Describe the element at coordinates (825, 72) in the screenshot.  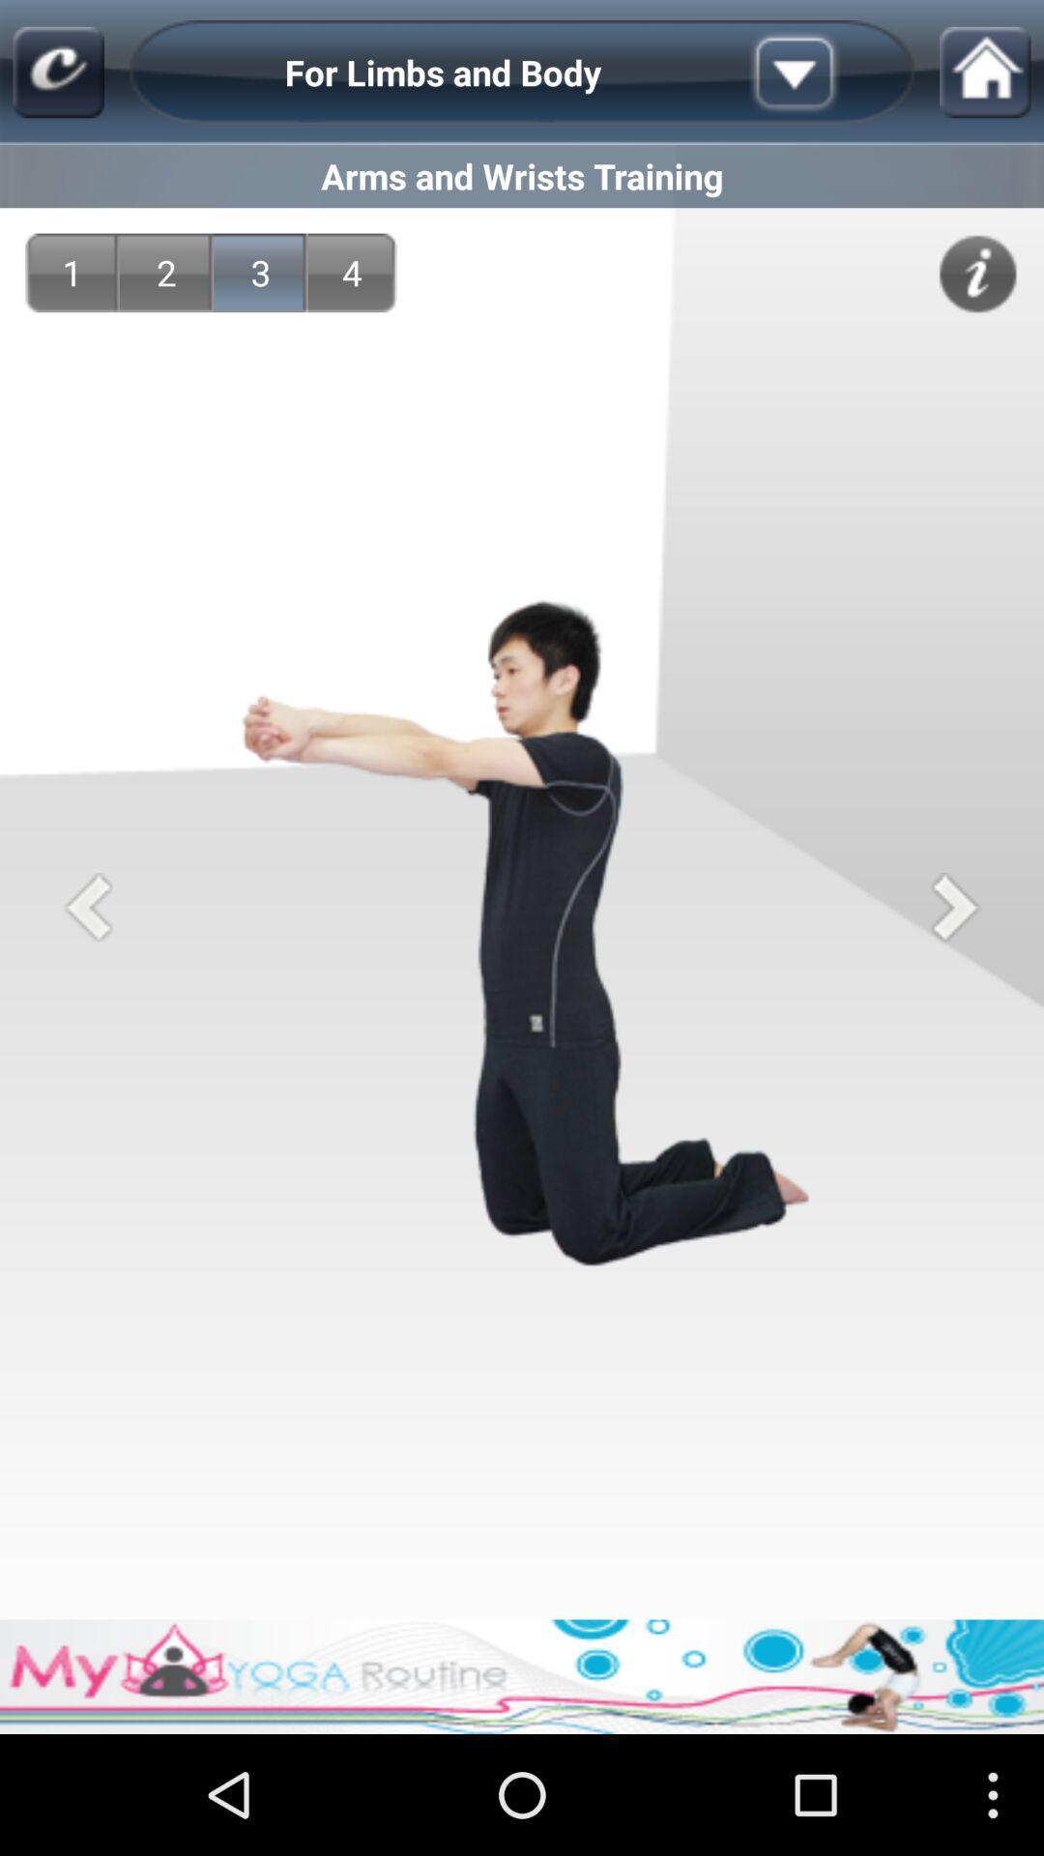
I see `display list` at that location.